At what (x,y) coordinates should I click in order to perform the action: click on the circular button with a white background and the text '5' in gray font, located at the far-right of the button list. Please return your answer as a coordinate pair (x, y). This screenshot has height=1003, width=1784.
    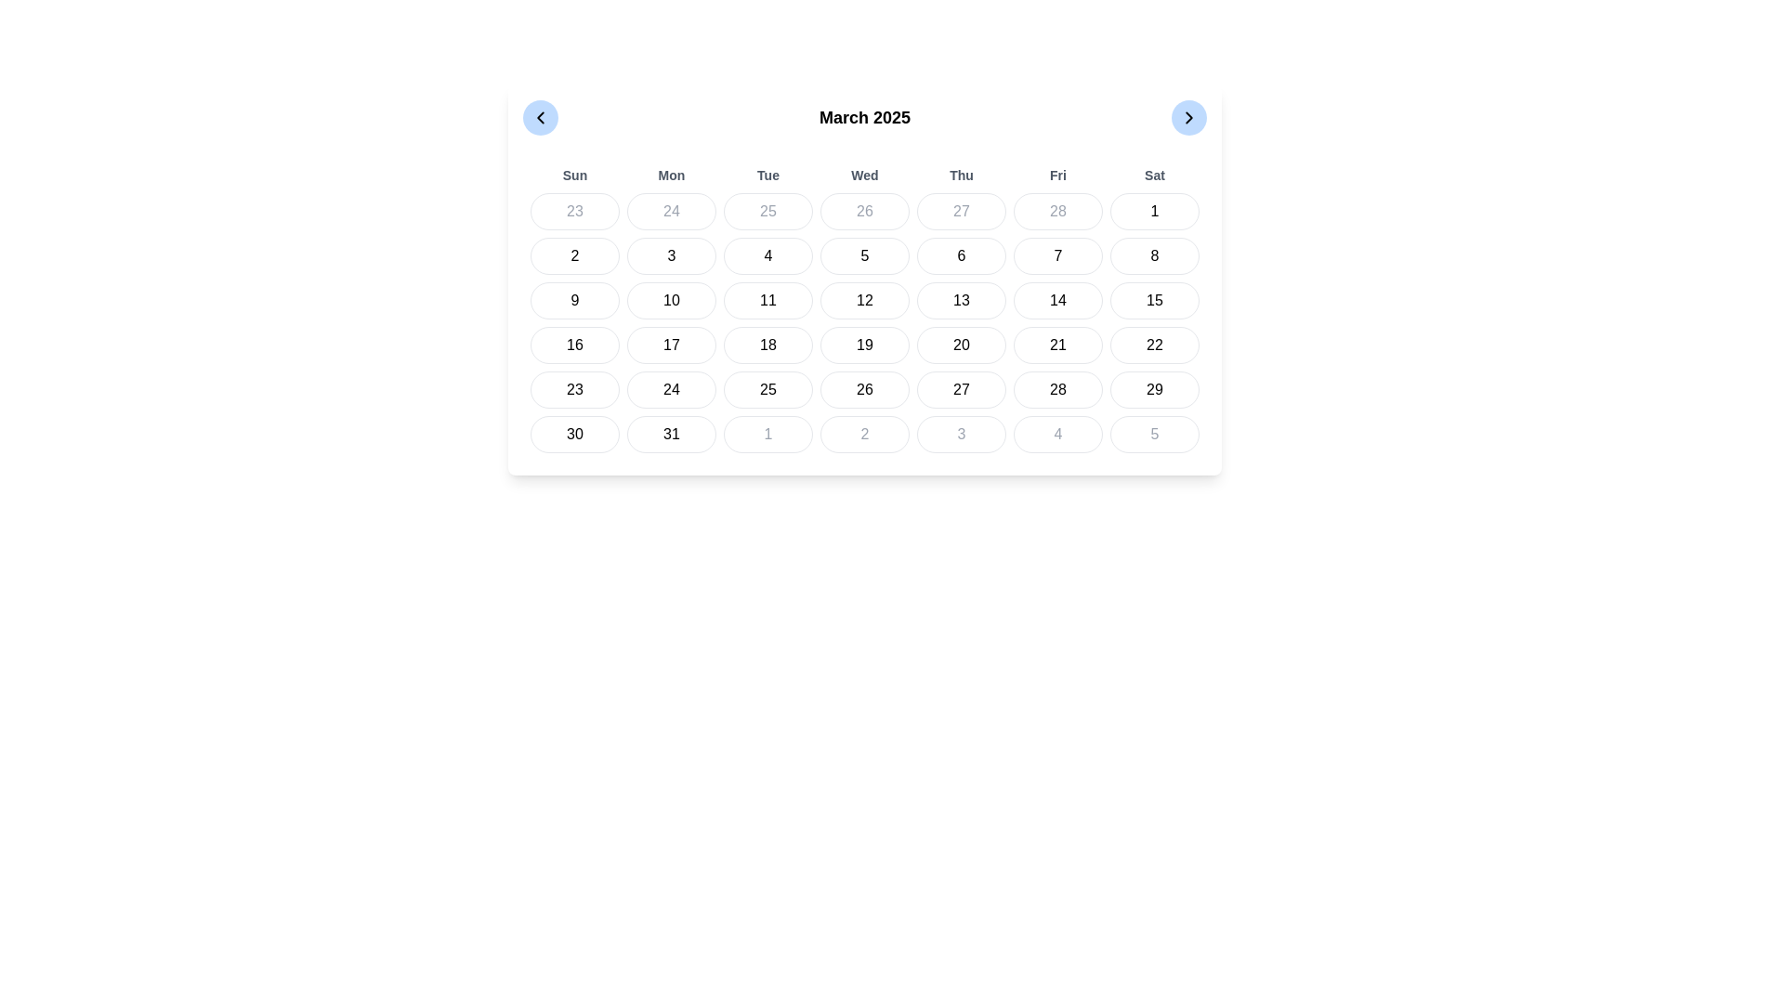
    Looking at the image, I should click on (1154, 434).